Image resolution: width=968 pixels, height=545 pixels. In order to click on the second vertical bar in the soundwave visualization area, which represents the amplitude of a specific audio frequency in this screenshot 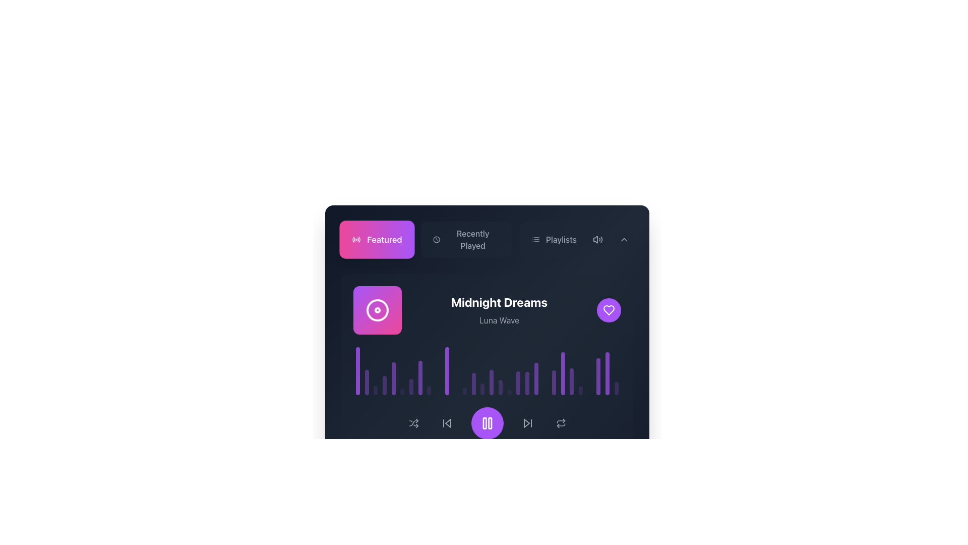, I will do `click(366, 383)`.